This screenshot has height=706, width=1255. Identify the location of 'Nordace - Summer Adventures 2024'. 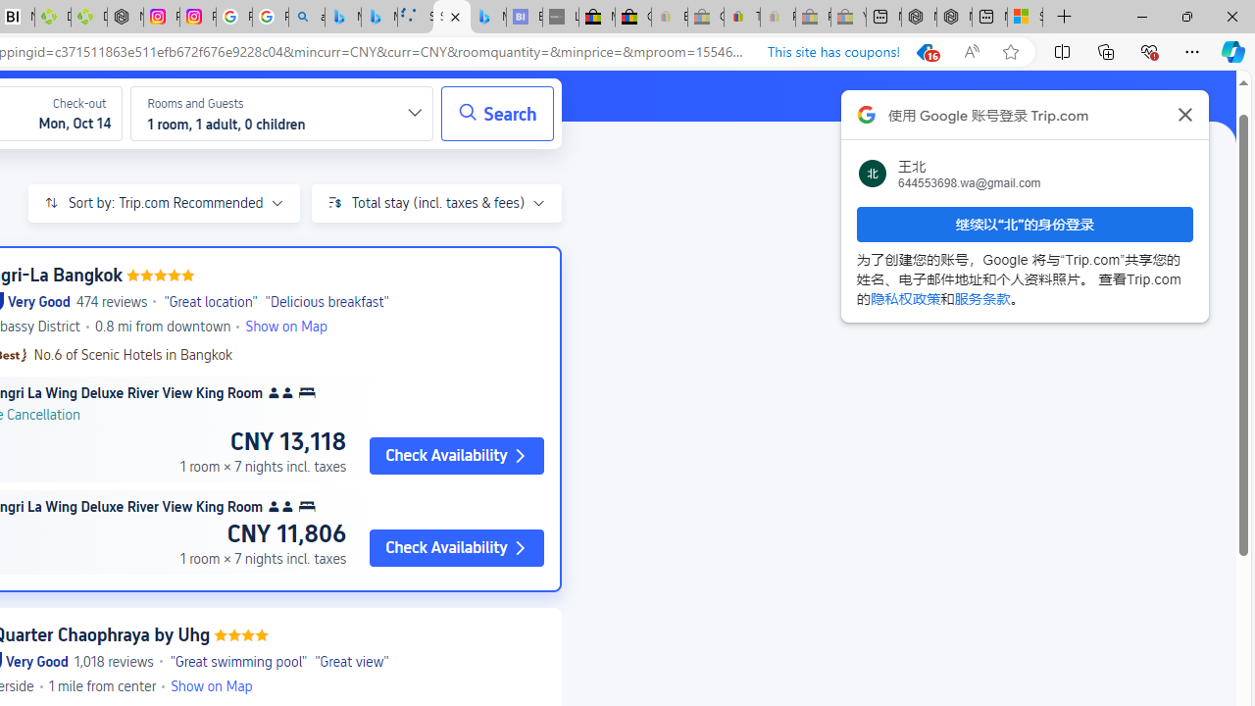
(954, 17).